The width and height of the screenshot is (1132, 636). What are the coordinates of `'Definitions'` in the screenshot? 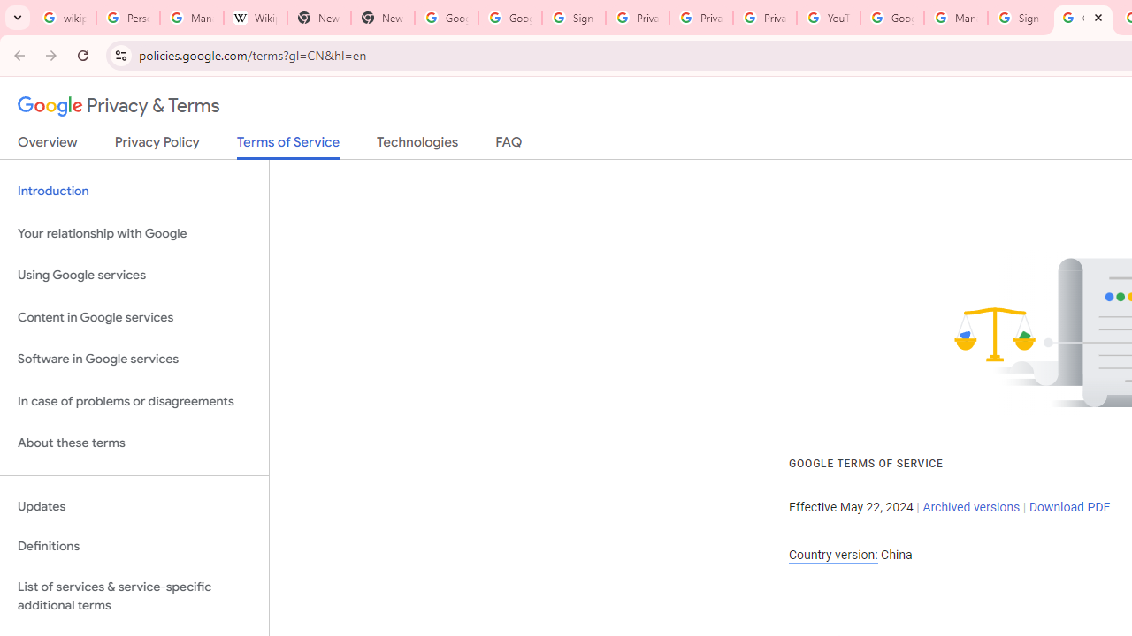 It's located at (134, 546).